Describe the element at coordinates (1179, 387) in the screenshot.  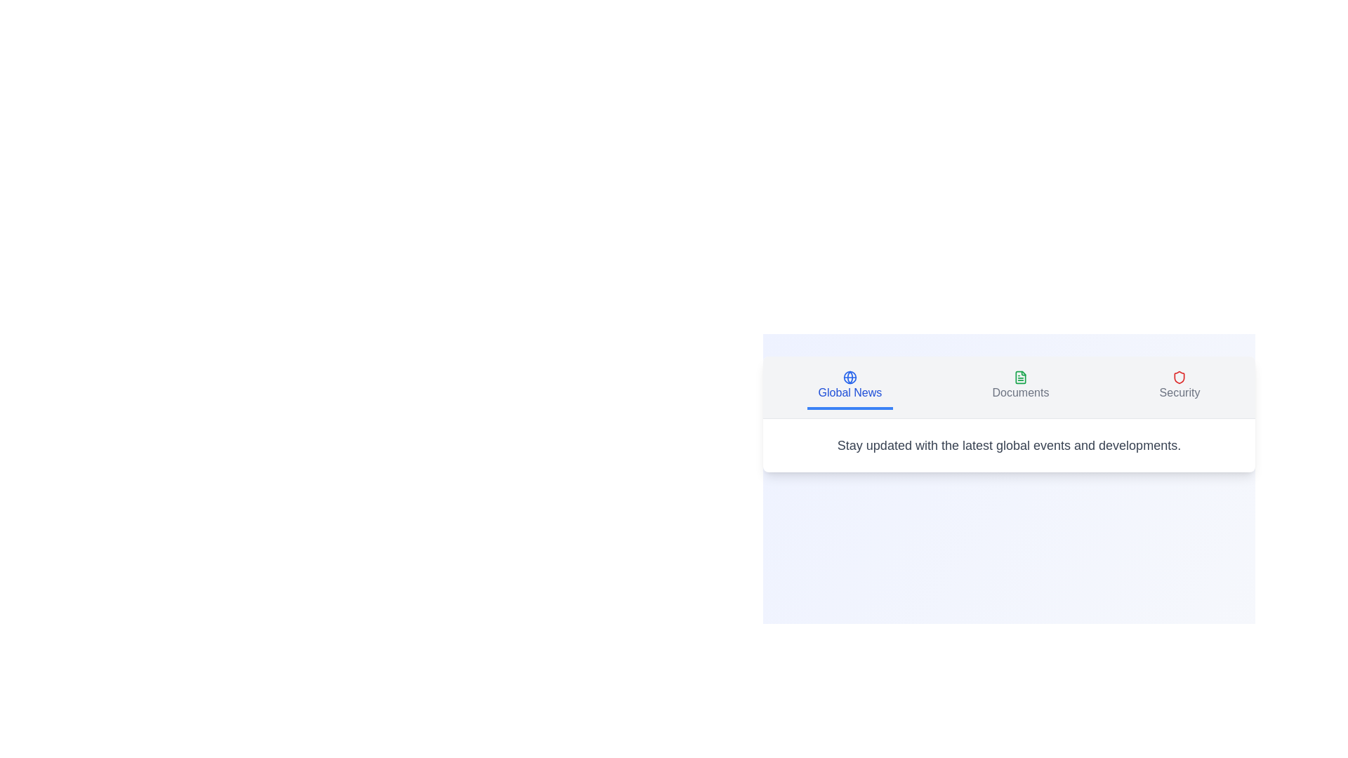
I see `the Security tab` at that location.